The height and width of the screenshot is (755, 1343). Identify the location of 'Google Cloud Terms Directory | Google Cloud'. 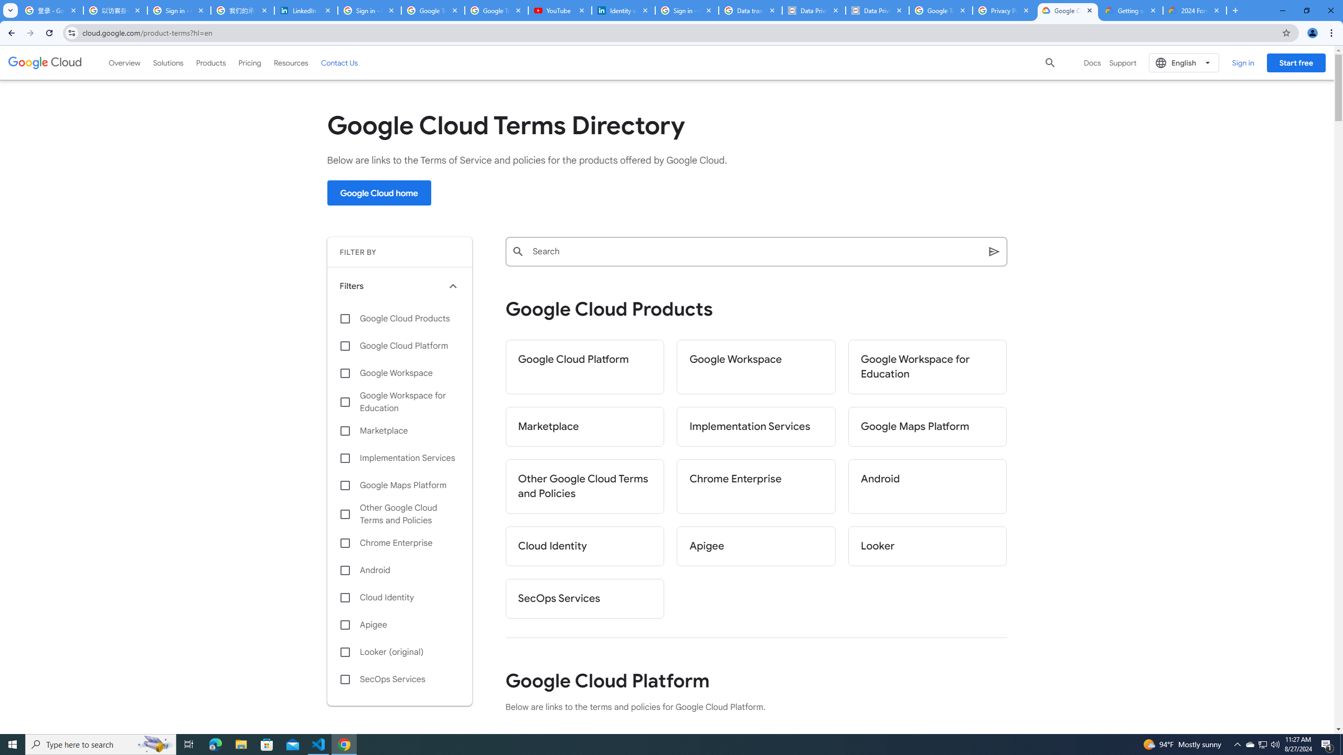
(1067, 10).